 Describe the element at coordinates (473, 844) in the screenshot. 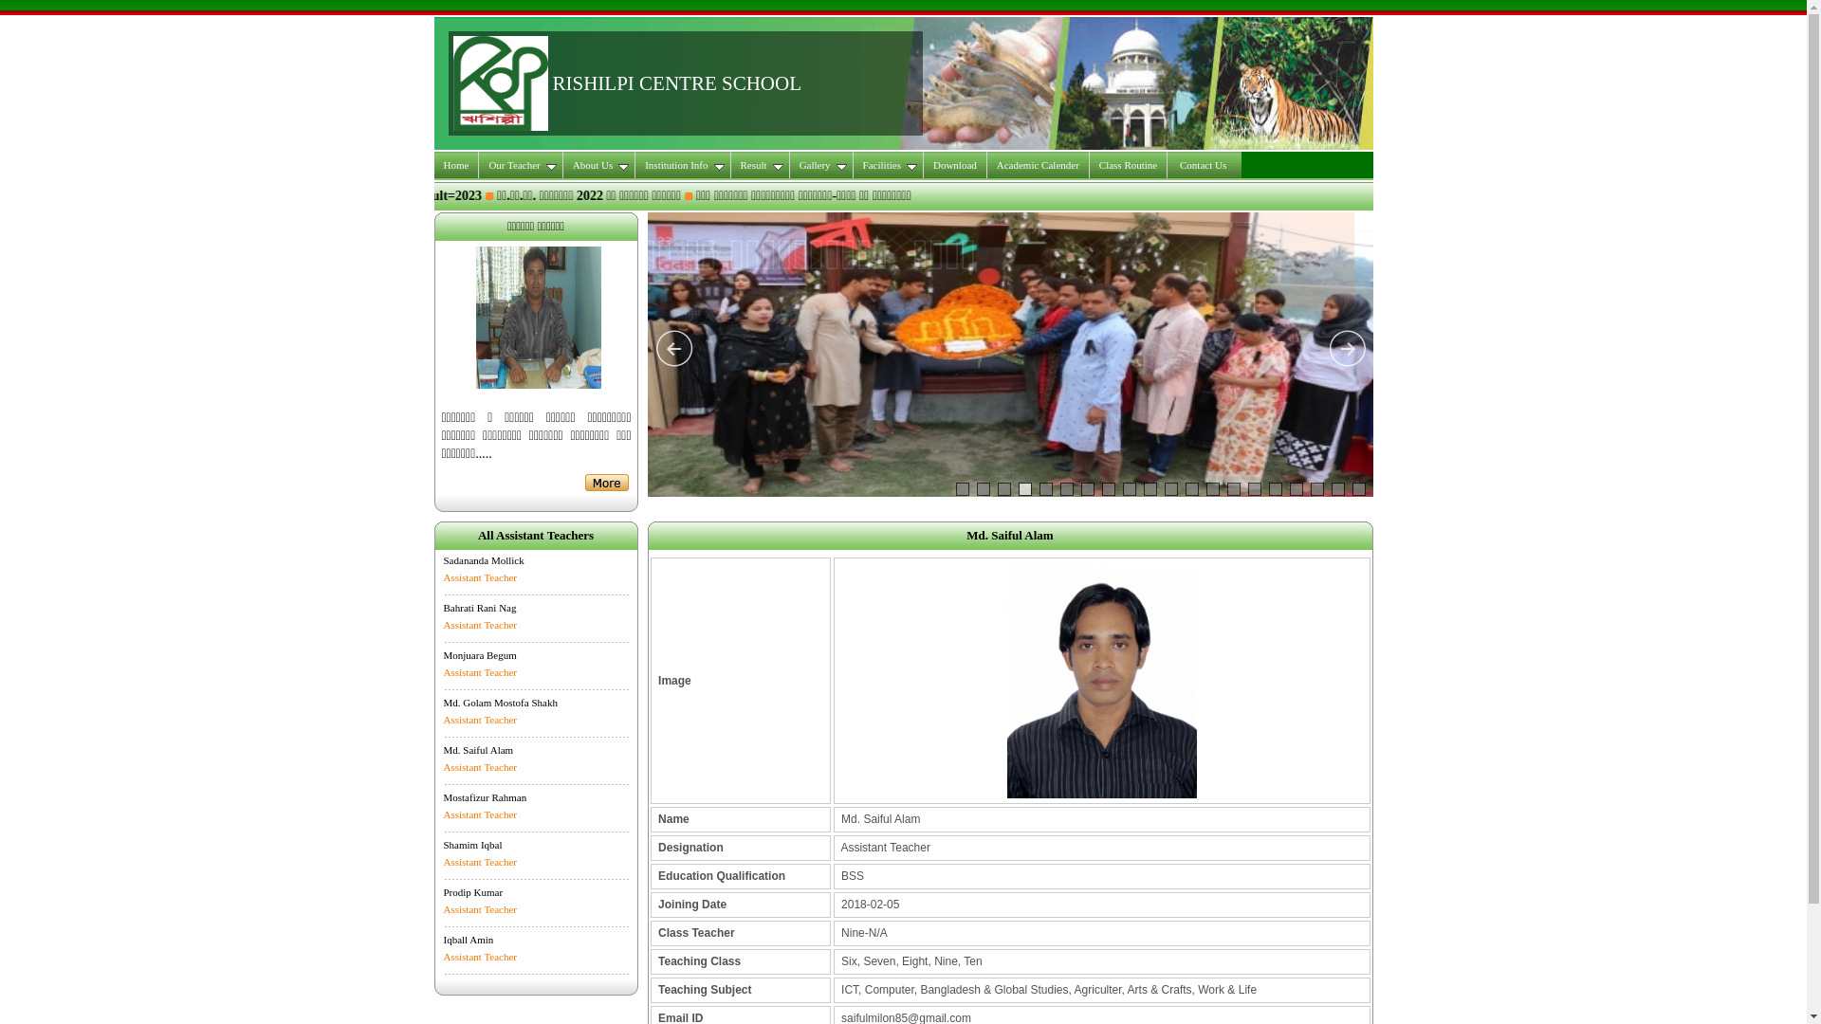

I see `'Shamim Iqbal'` at that location.